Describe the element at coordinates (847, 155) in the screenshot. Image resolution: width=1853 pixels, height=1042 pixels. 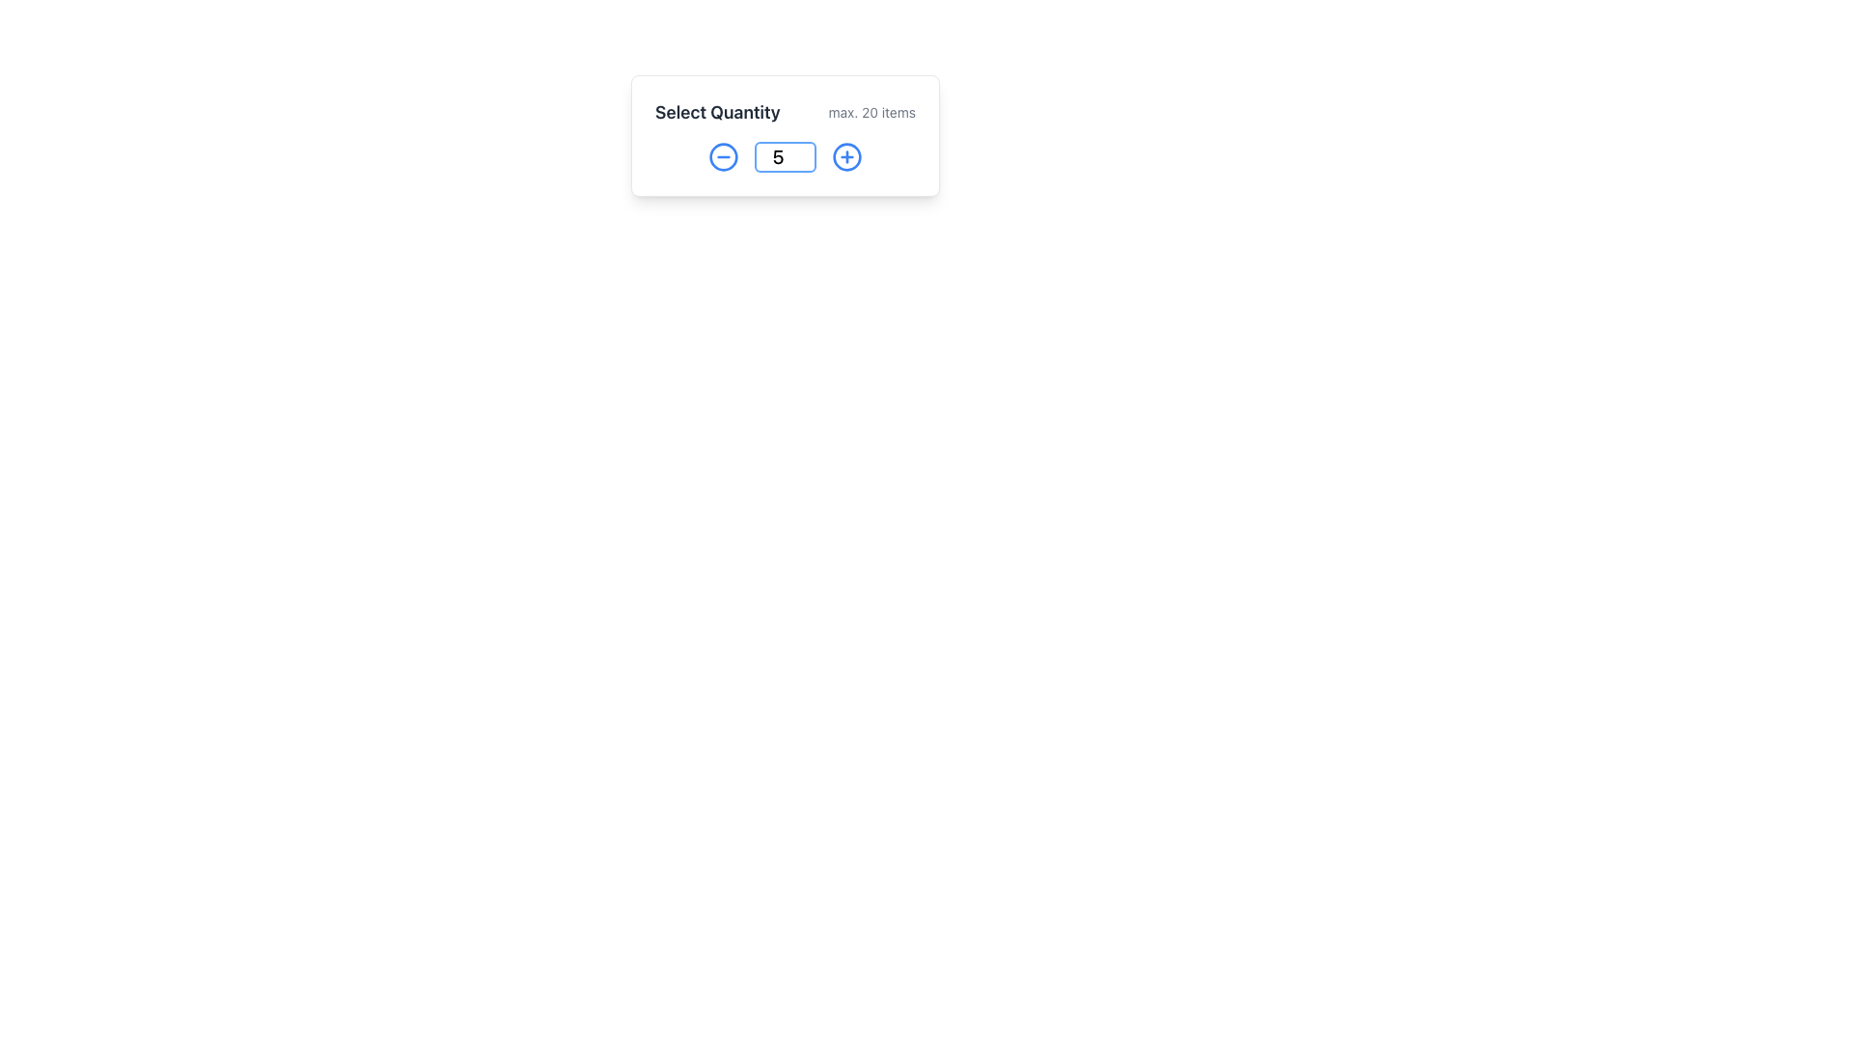
I see `the circular icon with a blue outline and a plus symbol to increment the quantity in the selection interface labeled 'Select Quantity'` at that location.